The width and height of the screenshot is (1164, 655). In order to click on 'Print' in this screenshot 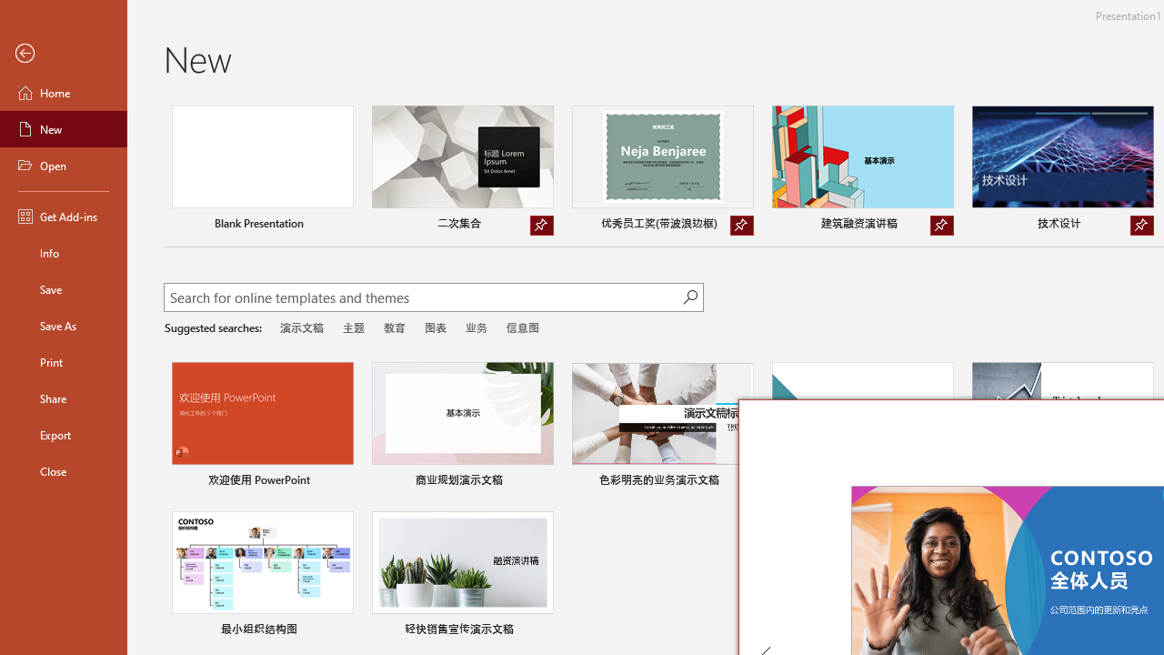, I will do `click(63, 362)`.